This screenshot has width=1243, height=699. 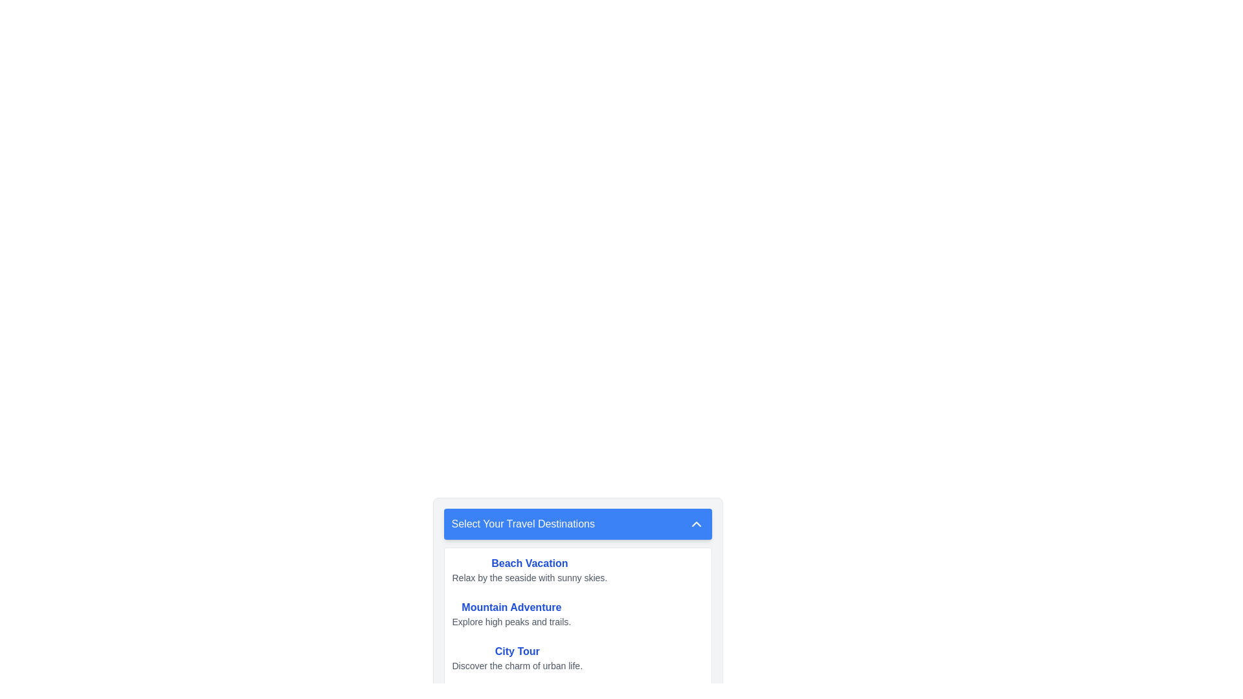 What do you see at coordinates (517, 666) in the screenshot?
I see `the text element that contains 'Discover the charm of urban life.' positioned below the 'City Tour' title` at bounding box center [517, 666].